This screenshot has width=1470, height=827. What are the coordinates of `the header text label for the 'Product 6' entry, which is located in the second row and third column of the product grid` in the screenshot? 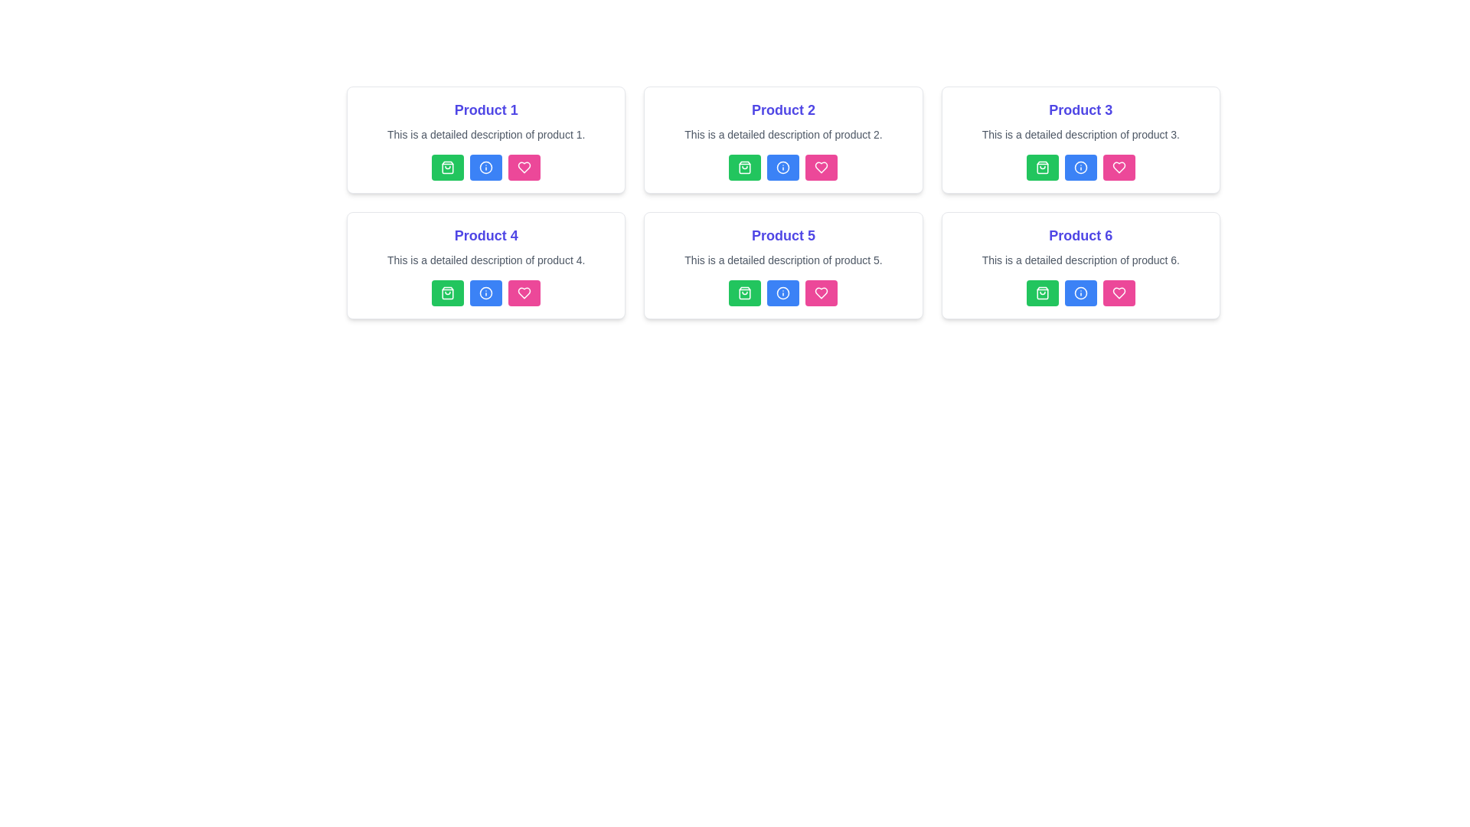 It's located at (1080, 236).